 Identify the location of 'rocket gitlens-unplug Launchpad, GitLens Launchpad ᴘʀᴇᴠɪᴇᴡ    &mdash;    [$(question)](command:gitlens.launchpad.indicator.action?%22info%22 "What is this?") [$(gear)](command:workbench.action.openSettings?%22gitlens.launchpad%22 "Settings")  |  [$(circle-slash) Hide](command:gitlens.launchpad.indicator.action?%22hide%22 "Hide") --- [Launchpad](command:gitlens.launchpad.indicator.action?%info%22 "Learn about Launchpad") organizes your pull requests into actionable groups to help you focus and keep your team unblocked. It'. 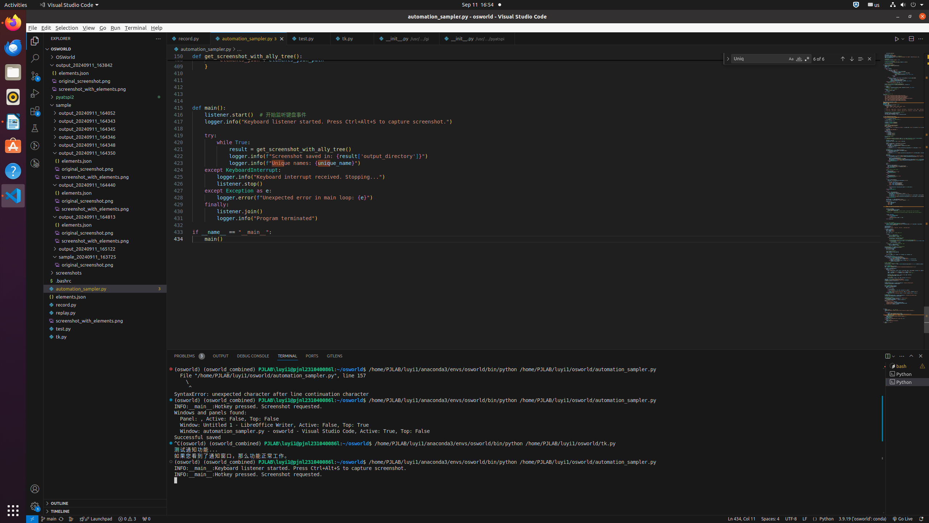
(96, 519).